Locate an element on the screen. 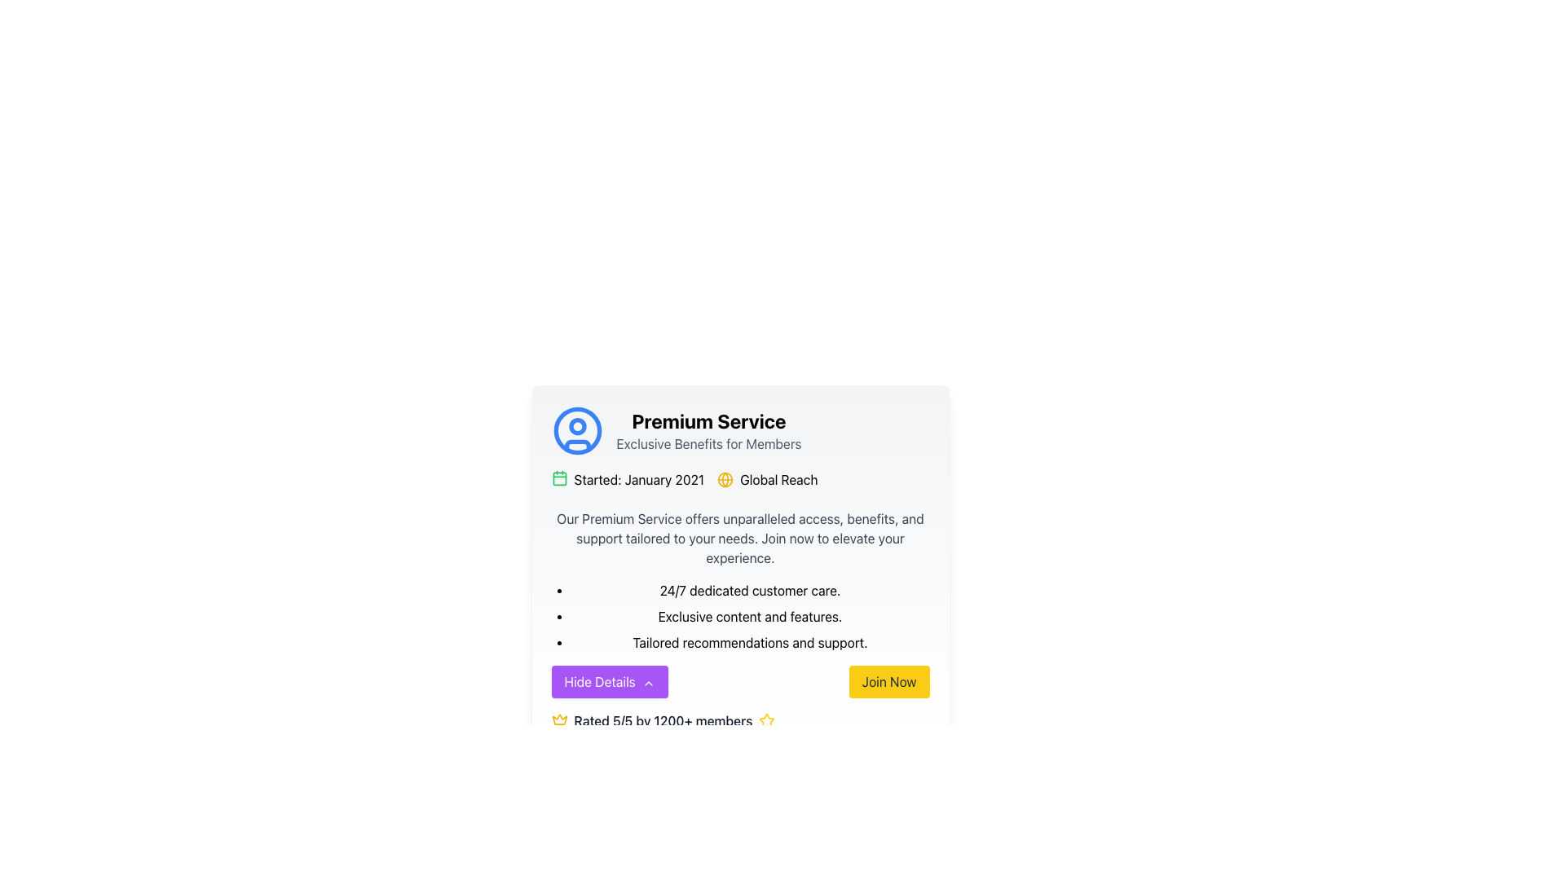 This screenshot has height=880, width=1565. the Text Label that indicates the starting date of the service, located in the upper-left section of the card, next to a green calendar icon and aligned with the 'Global Reach' text is located at coordinates (638, 479).